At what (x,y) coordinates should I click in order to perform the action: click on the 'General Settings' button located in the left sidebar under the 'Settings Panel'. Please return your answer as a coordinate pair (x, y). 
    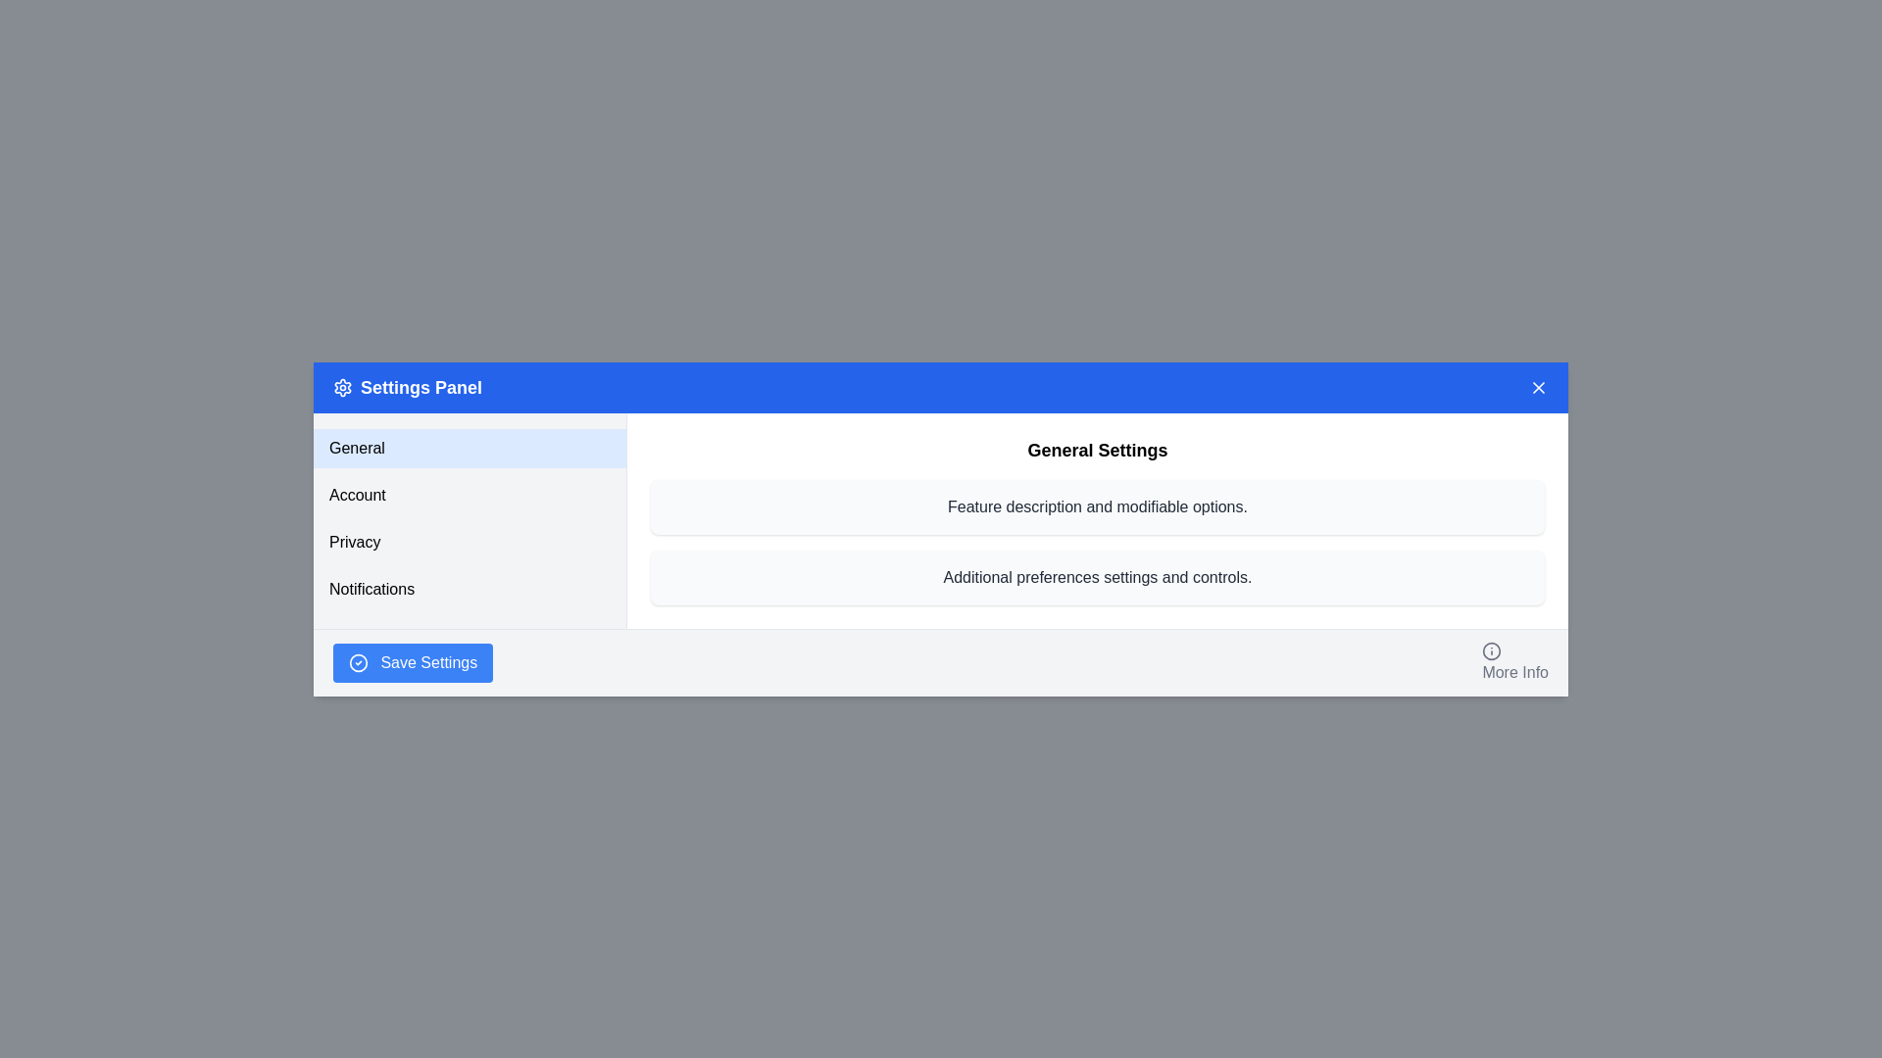
    Looking at the image, I should click on (469, 448).